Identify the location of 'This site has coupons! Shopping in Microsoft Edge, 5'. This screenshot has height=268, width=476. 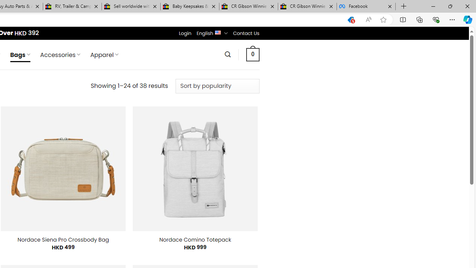
(350, 19).